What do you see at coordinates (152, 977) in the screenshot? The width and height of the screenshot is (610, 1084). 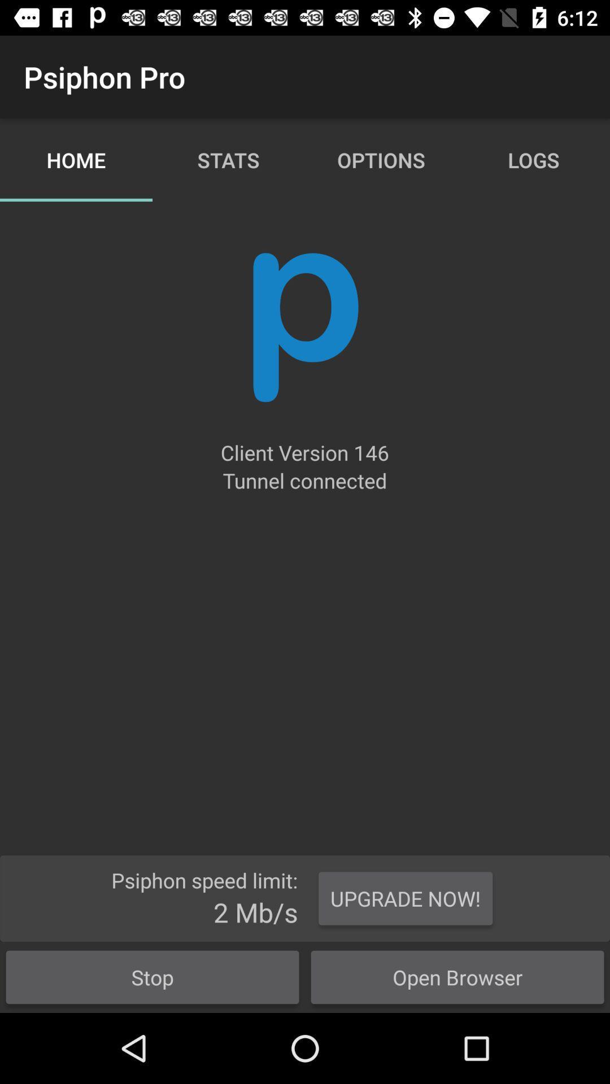 I see `the button at the bottom left corner` at bounding box center [152, 977].